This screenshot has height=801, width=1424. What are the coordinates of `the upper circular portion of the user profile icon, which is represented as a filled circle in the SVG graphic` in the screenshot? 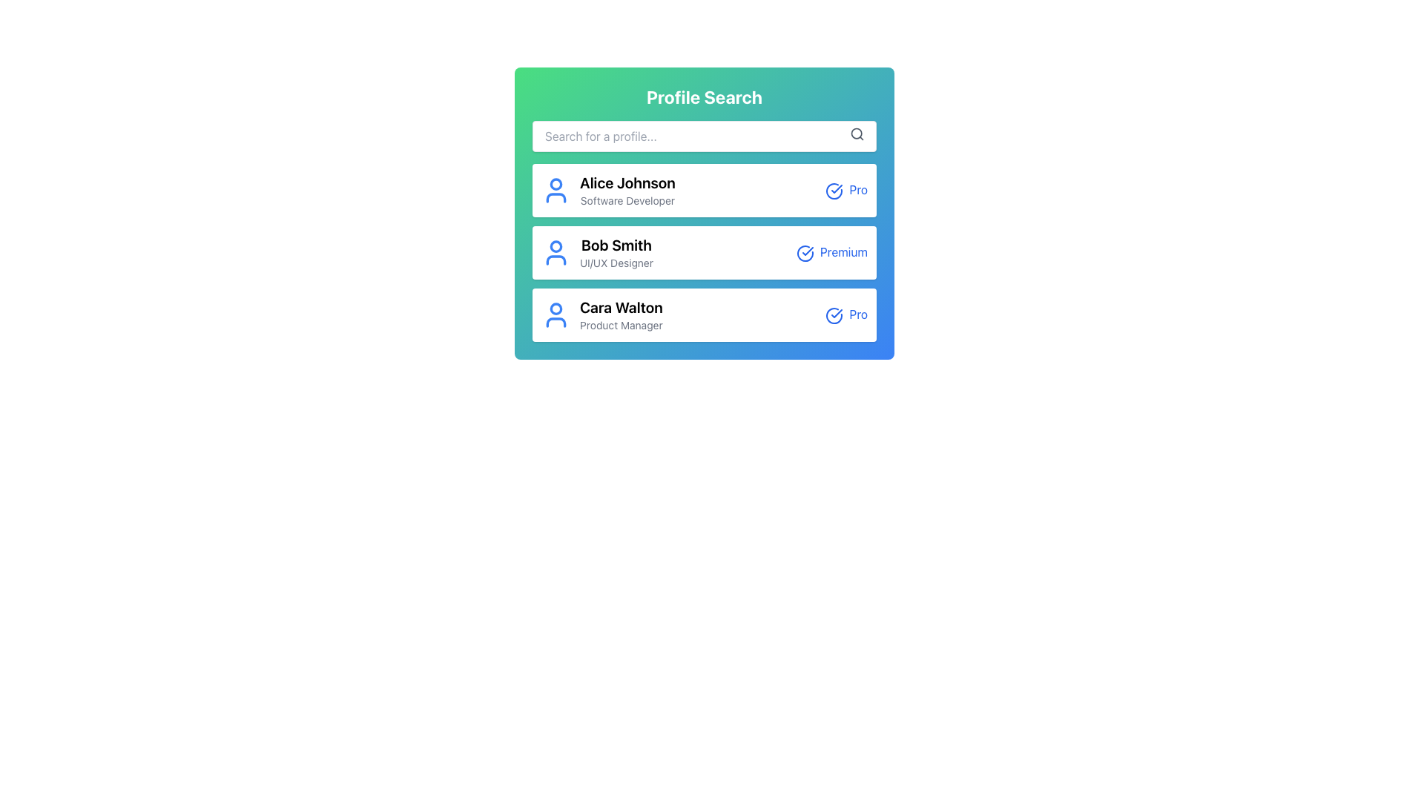 It's located at (555, 182).